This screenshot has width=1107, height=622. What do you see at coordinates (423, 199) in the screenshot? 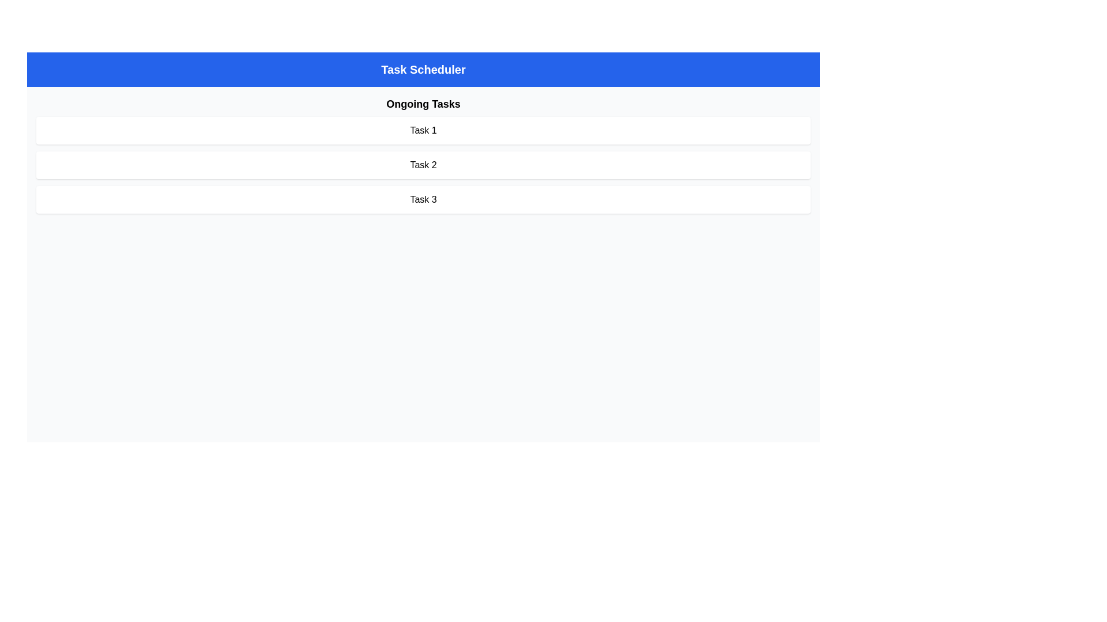
I see `the text of the task labeled 'Task 3' within the task management application for copying or other operations` at bounding box center [423, 199].